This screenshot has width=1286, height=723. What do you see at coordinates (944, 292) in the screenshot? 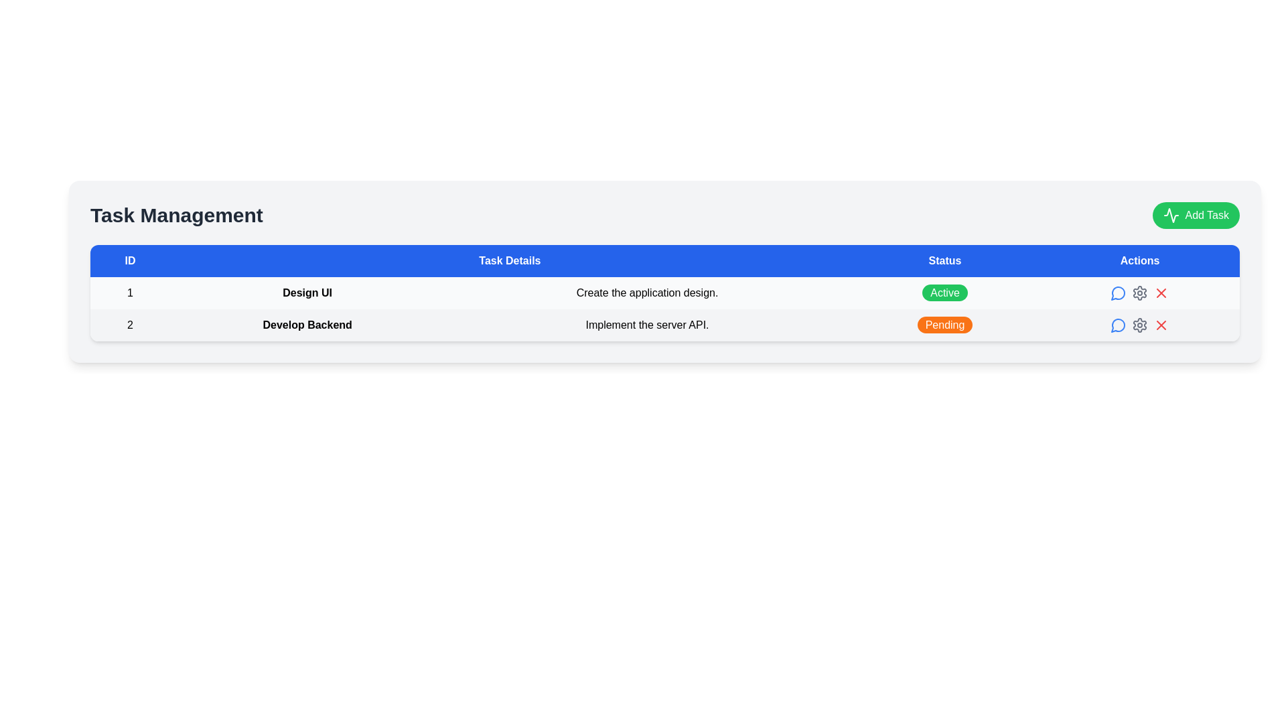
I see `the Status badge, which is a small oval-shaped element with a green background and the text 'Active' in white, located in the top row of the 'Status' column of a table` at bounding box center [944, 292].